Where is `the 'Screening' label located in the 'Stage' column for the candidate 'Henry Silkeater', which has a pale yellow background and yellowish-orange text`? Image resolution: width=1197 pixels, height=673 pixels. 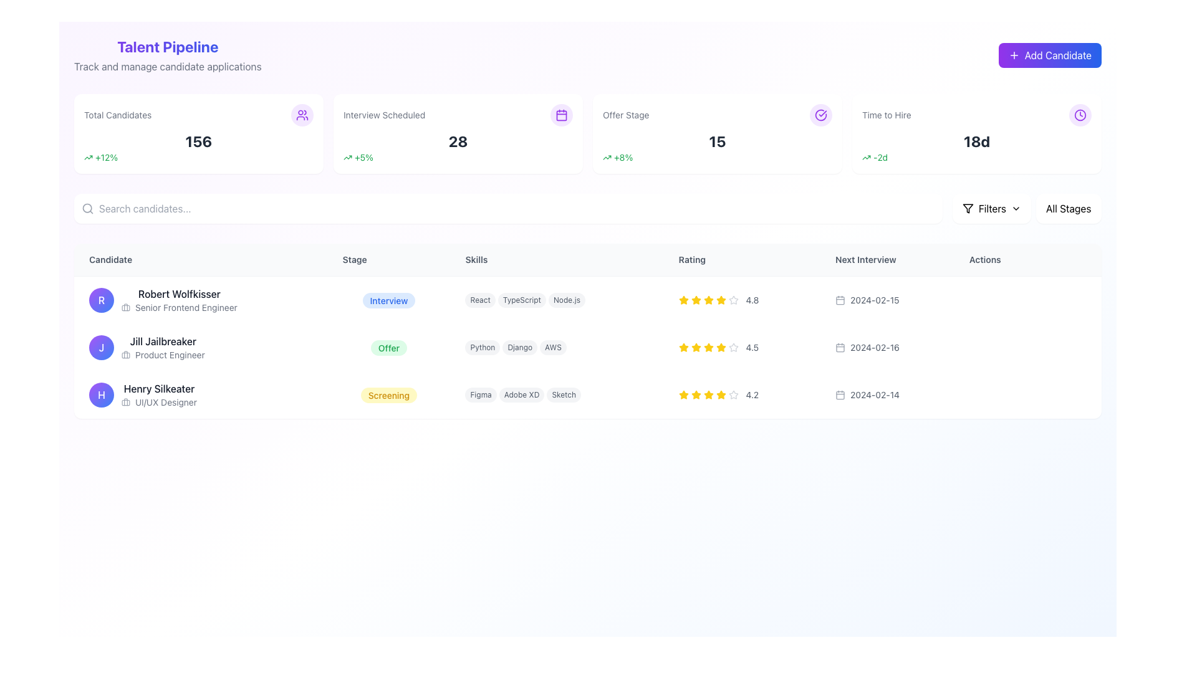 the 'Screening' label located in the 'Stage' column for the candidate 'Henry Silkeater', which has a pale yellow background and yellowish-orange text is located at coordinates (388, 394).